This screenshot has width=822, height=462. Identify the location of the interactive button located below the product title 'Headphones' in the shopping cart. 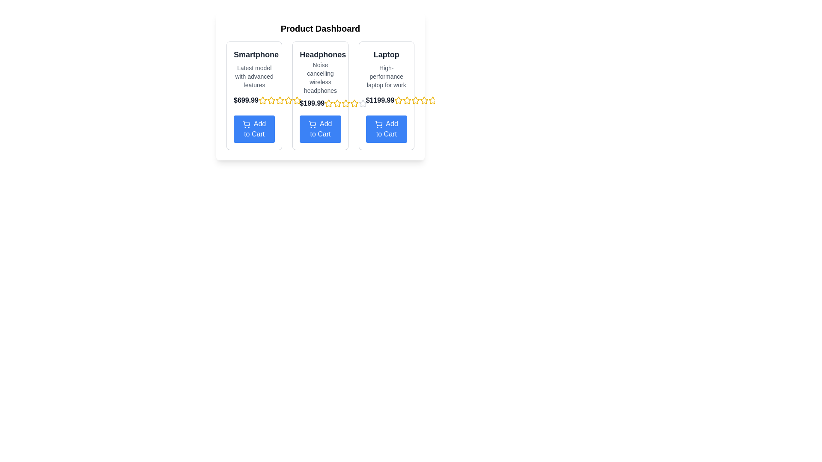
(320, 129).